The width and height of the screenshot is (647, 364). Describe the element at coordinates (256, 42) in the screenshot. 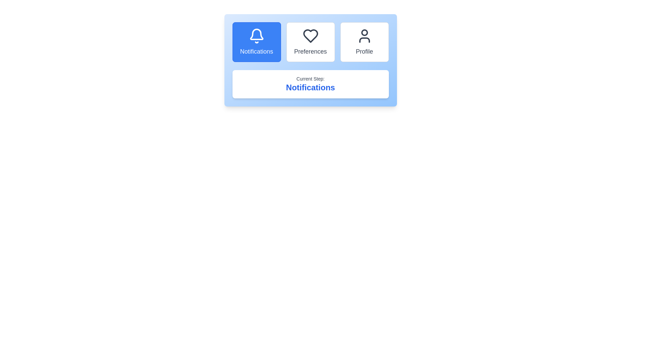

I see `the step button corresponding to Notifications` at that location.